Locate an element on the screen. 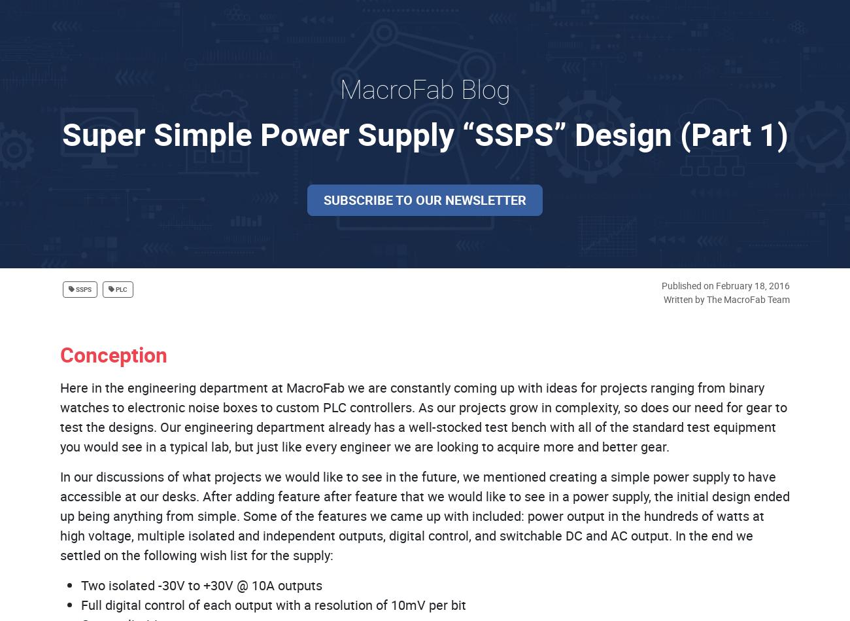  'Figure 10: 8 ohm load' is located at coordinates (675, 58).